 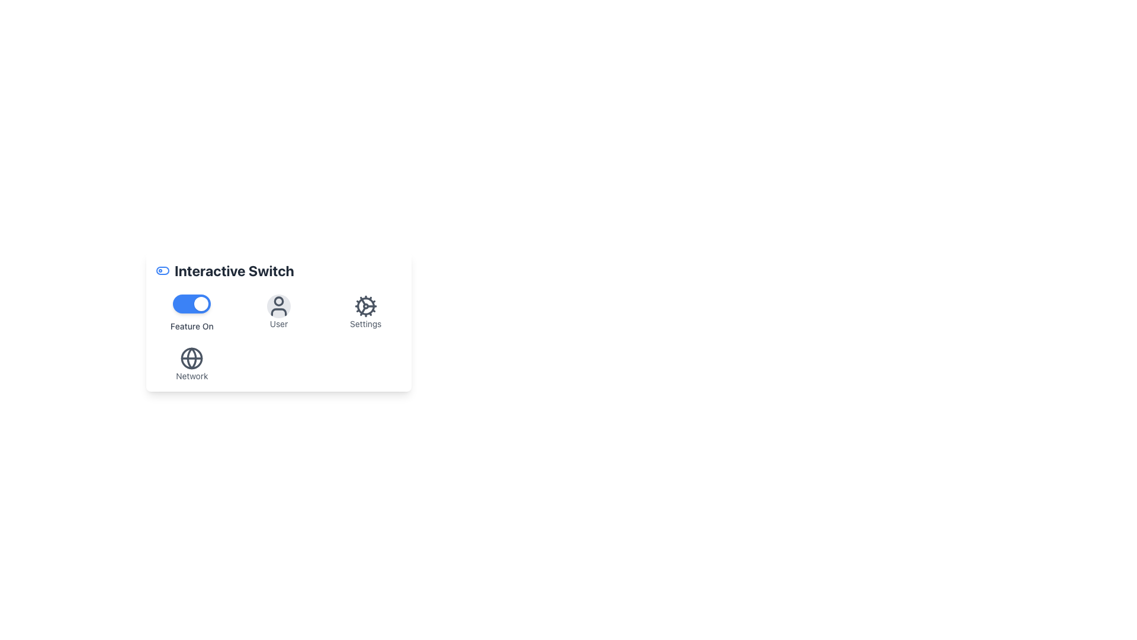 What do you see at coordinates (365, 312) in the screenshot?
I see `the settings option icon with text label located on the right side of the row containing 'Feature On' and 'User'` at bounding box center [365, 312].